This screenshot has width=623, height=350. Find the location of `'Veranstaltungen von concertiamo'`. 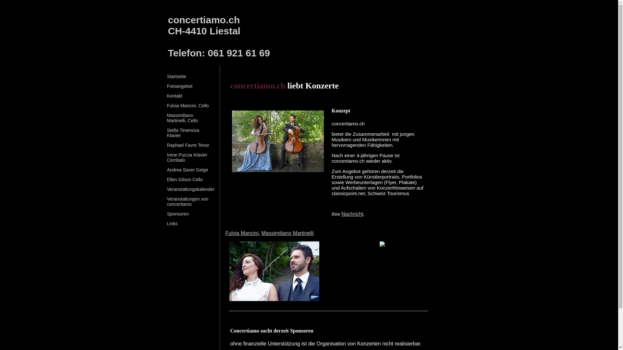

'Veranstaltungen von concertiamo' is located at coordinates (187, 203).